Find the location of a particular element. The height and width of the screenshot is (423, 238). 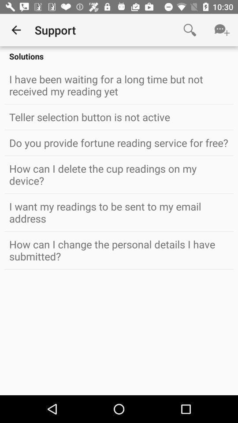

item to the left of the support is located at coordinates (16, 30).